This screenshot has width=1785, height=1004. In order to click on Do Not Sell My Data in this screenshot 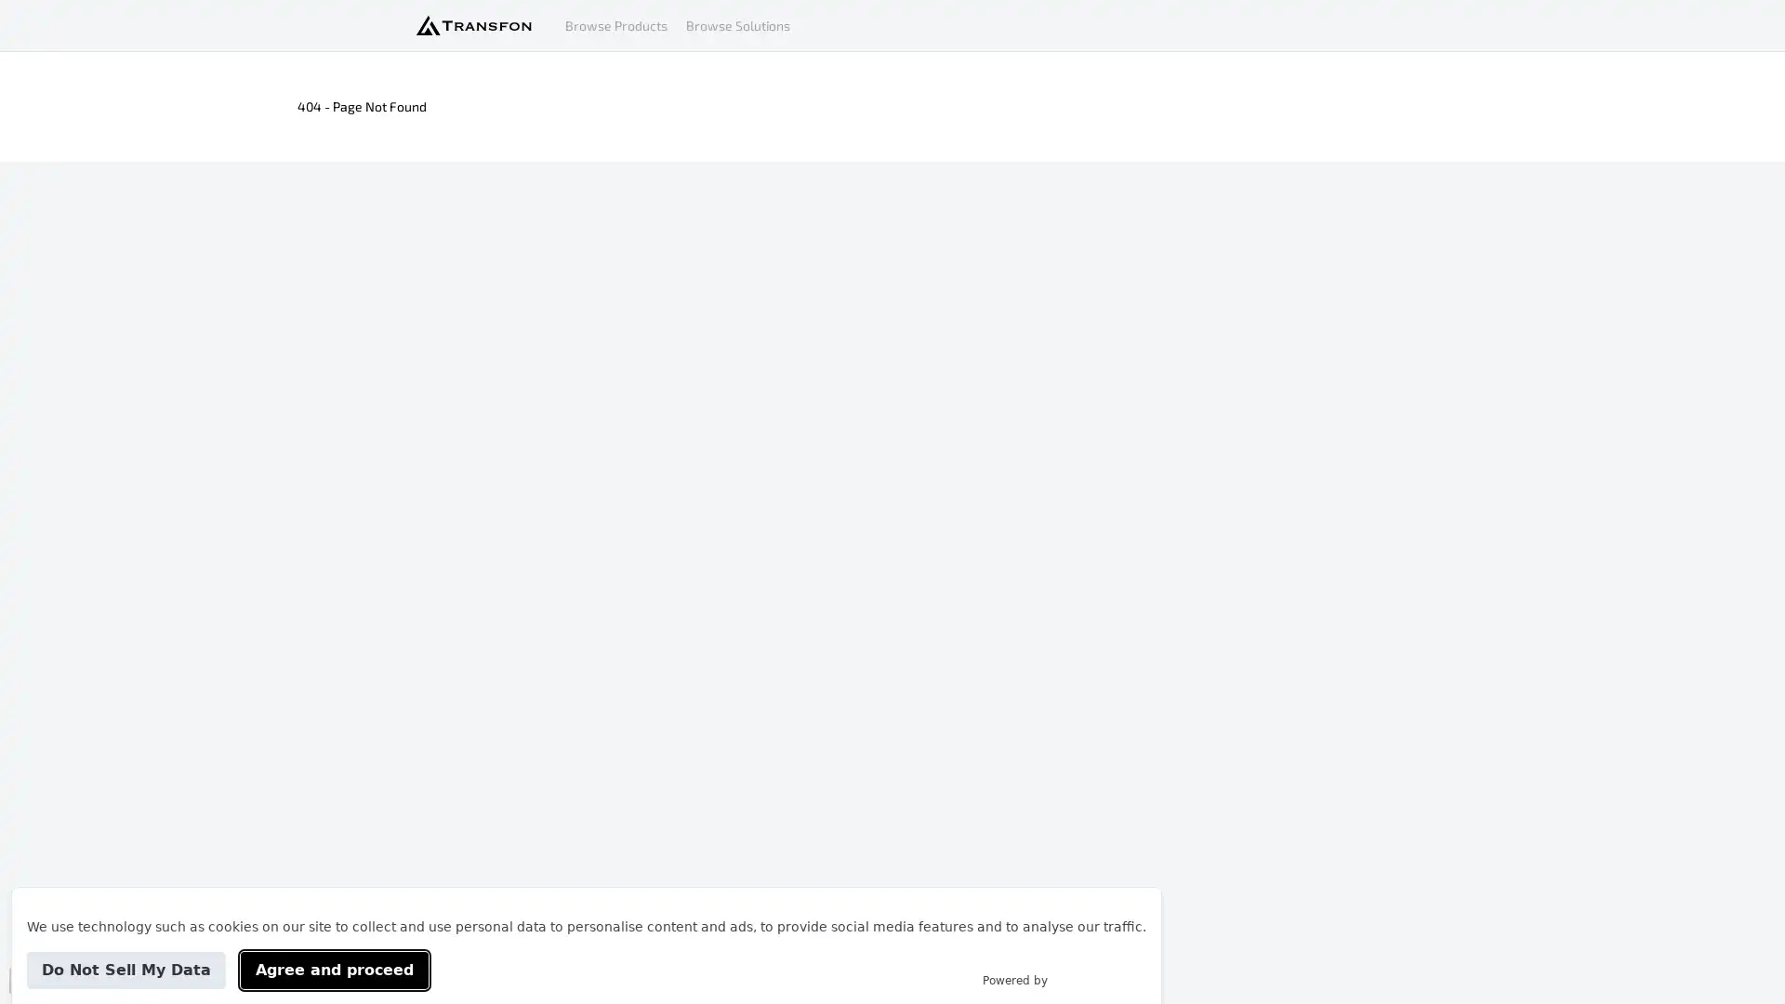, I will do `click(125, 970)`.